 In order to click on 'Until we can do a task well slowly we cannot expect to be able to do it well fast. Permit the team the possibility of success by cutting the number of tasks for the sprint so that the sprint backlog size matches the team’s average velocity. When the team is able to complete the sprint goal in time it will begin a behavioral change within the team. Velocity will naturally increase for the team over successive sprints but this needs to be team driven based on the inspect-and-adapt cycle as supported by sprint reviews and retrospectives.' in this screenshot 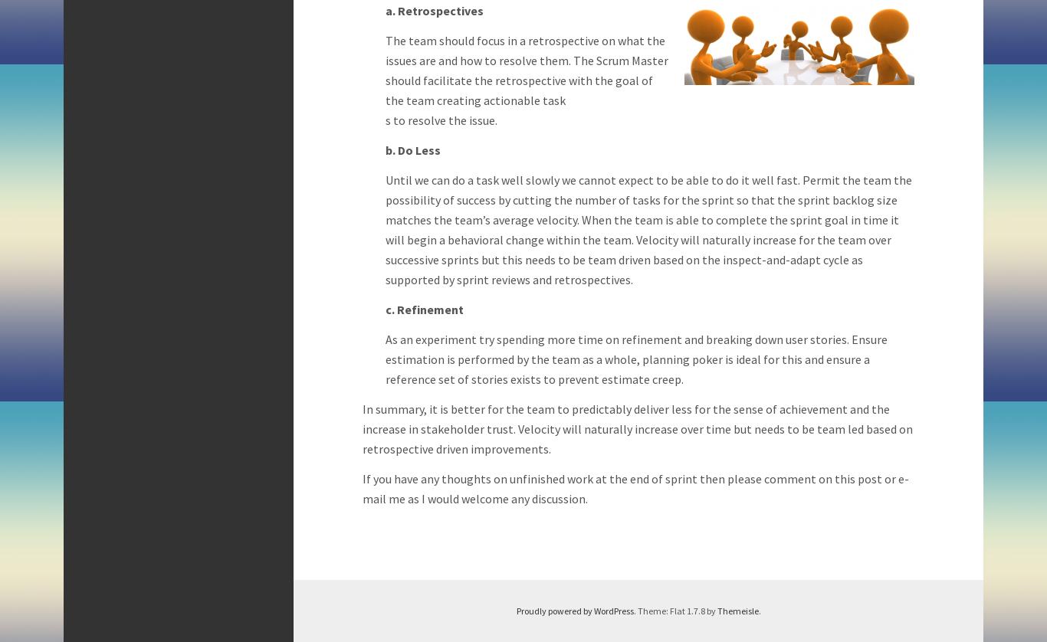, I will do `click(648, 229)`.